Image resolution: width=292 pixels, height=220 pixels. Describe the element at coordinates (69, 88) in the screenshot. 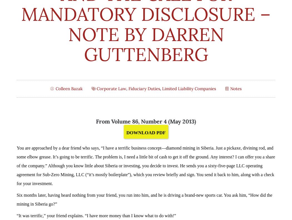

I see `'Colleen Bazak'` at that location.